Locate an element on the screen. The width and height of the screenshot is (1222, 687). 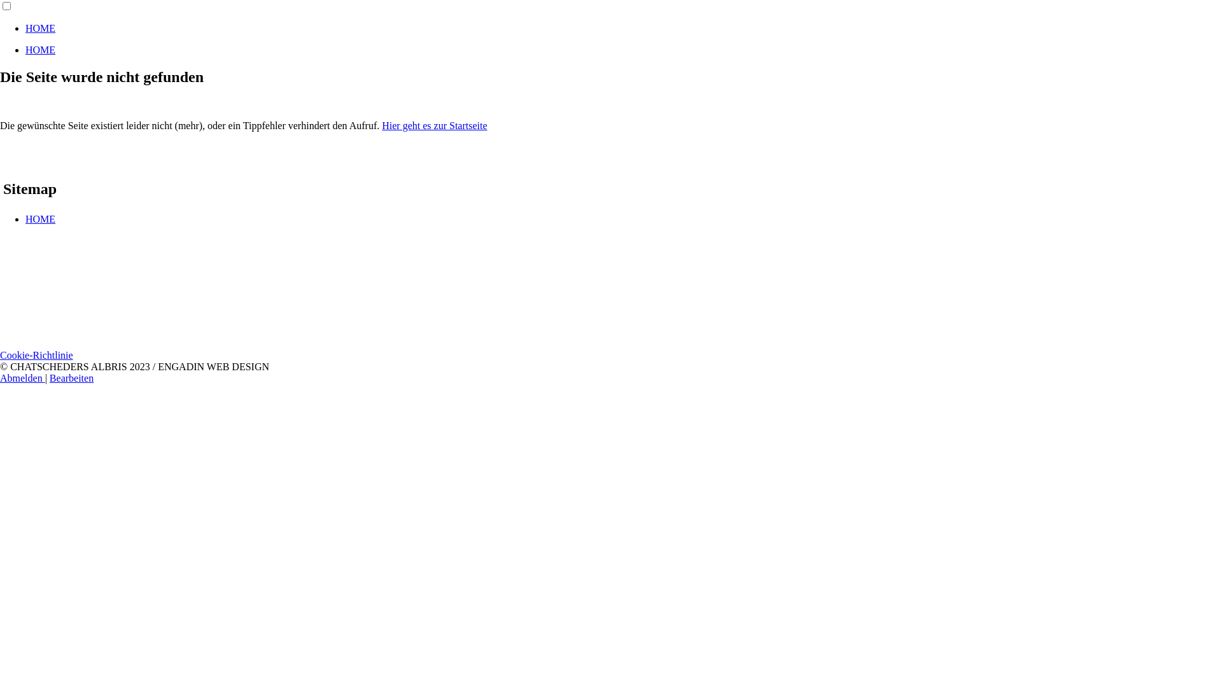
'HOME' is located at coordinates (40, 49).